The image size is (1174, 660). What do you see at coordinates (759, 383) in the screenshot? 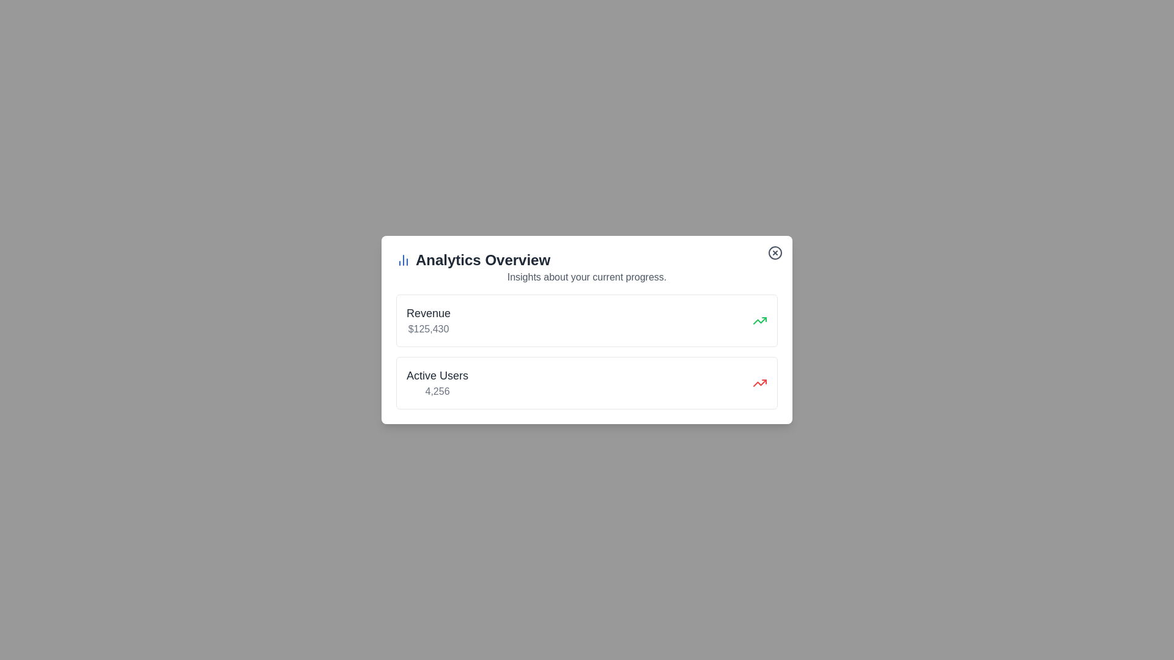
I see `the increase icon indicating 'Active Users' metric on the right side of the '4,256' text in the second card under the 'Analytics Overview' section` at bounding box center [759, 383].